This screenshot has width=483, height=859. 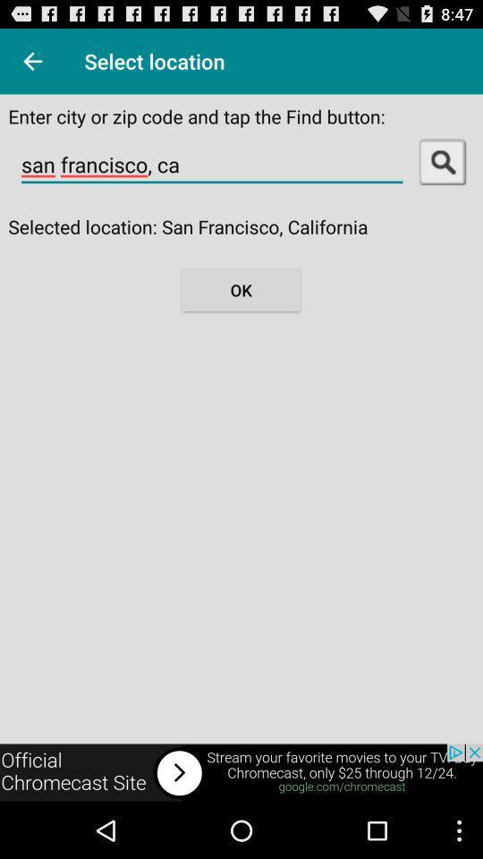 I want to click on search option, so click(x=442, y=160).